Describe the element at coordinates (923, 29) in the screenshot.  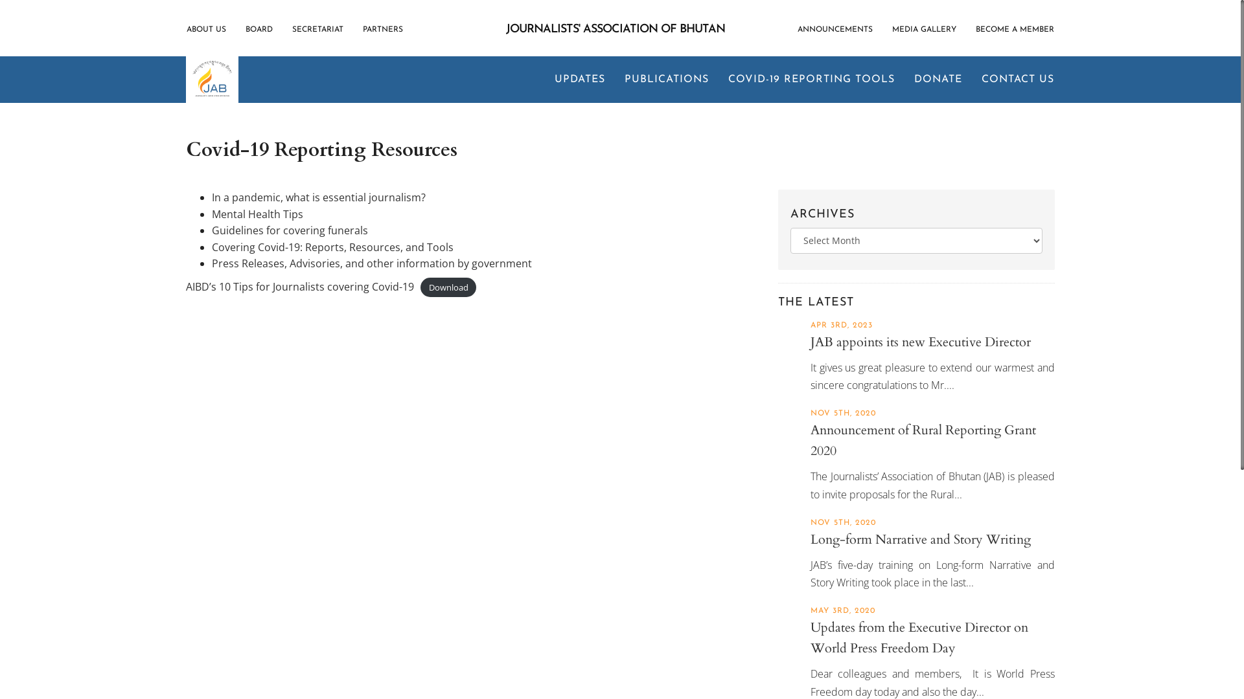
I see `'MEDIA GALLERY'` at that location.